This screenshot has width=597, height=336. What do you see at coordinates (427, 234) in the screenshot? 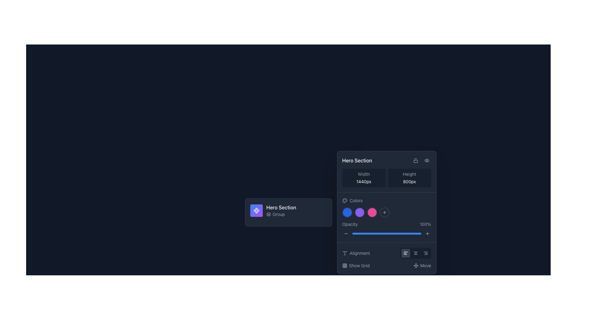
I see `the '+' button located at the bottom-right corner of the card interface to observe style changes` at bounding box center [427, 234].